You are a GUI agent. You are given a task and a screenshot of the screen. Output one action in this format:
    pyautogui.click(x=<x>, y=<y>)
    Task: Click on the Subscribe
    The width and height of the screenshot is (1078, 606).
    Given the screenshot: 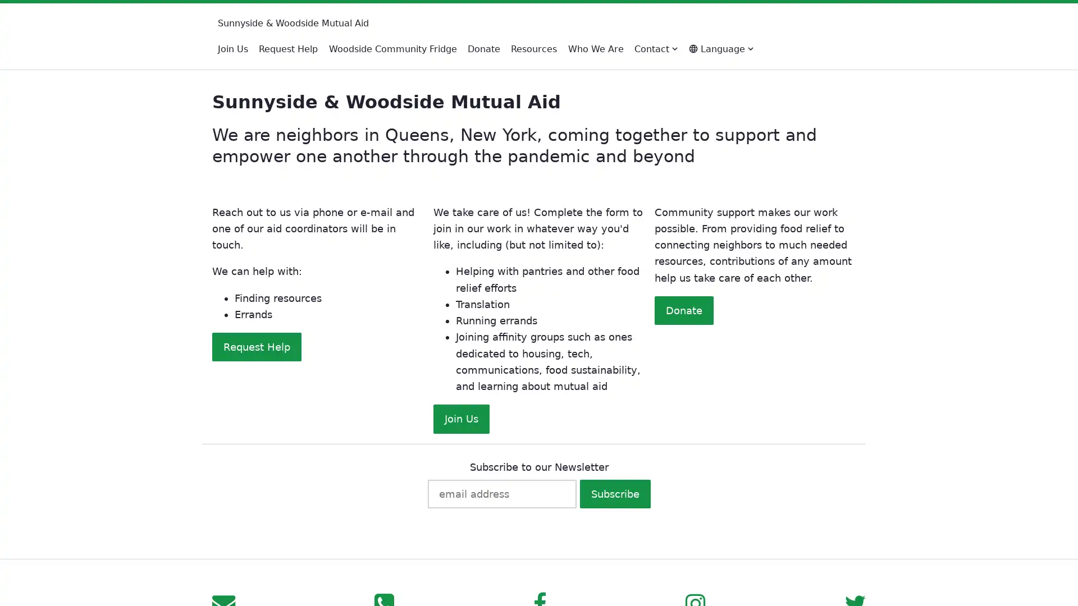 What is the action you would take?
    pyautogui.click(x=614, y=493)
    